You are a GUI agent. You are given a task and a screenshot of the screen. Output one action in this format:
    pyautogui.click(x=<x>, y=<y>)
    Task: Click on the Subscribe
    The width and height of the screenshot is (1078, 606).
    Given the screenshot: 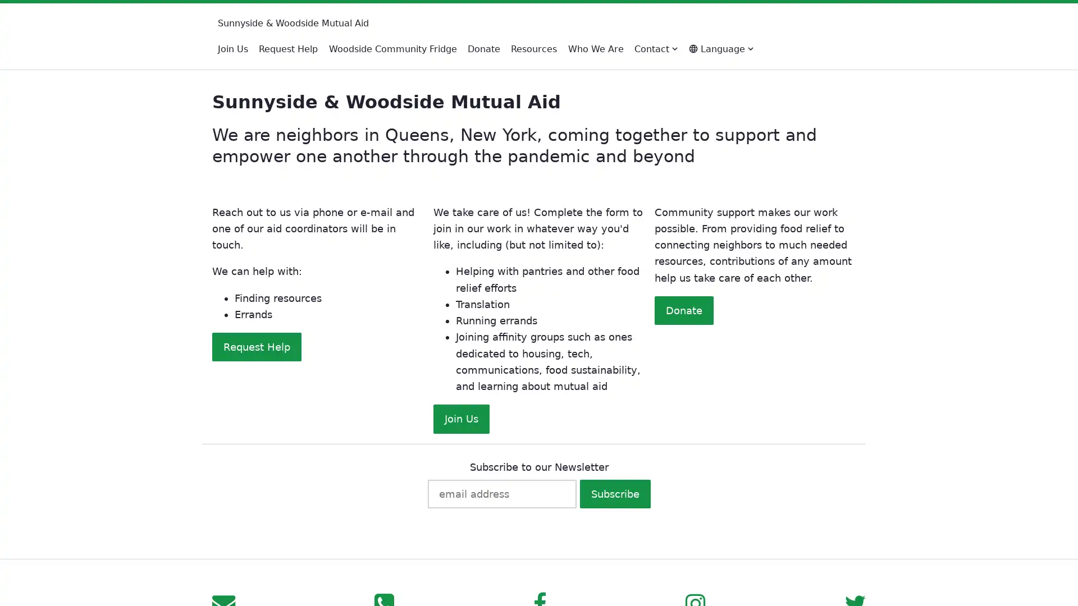 What is the action you would take?
    pyautogui.click(x=614, y=493)
    